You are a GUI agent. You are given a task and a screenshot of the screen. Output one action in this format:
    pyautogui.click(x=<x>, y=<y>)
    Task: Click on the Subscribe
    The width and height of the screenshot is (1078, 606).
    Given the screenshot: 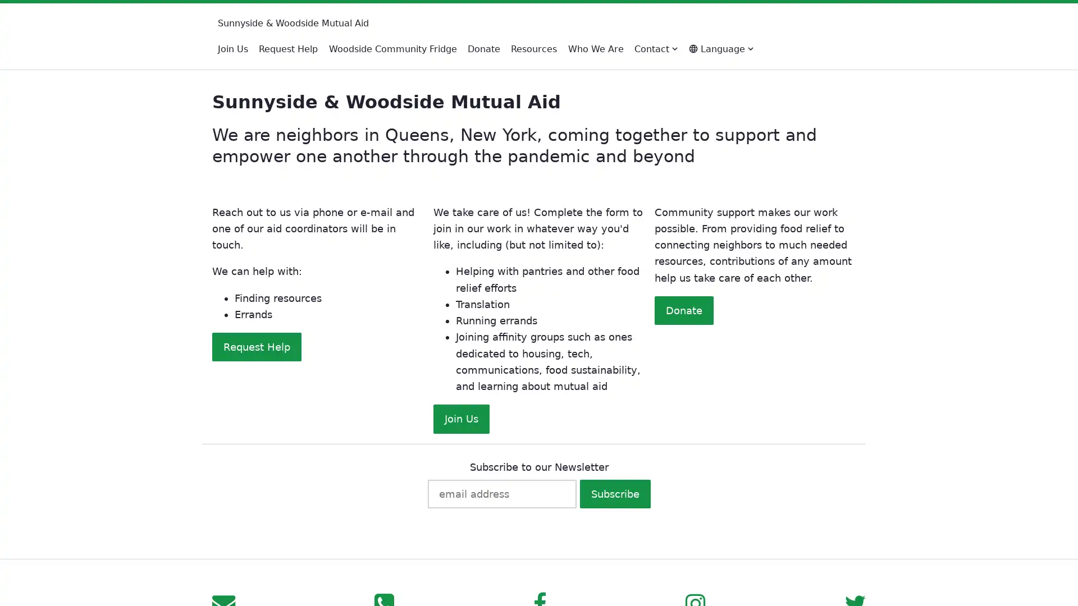 What is the action you would take?
    pyautogui.click(x=614, y=493)
    